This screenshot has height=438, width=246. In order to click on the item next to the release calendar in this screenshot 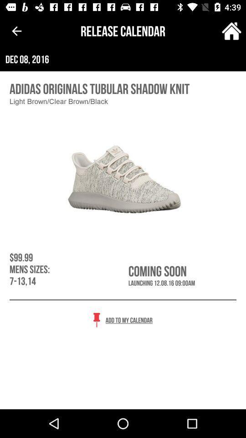, I will do `click(231, 31)`.